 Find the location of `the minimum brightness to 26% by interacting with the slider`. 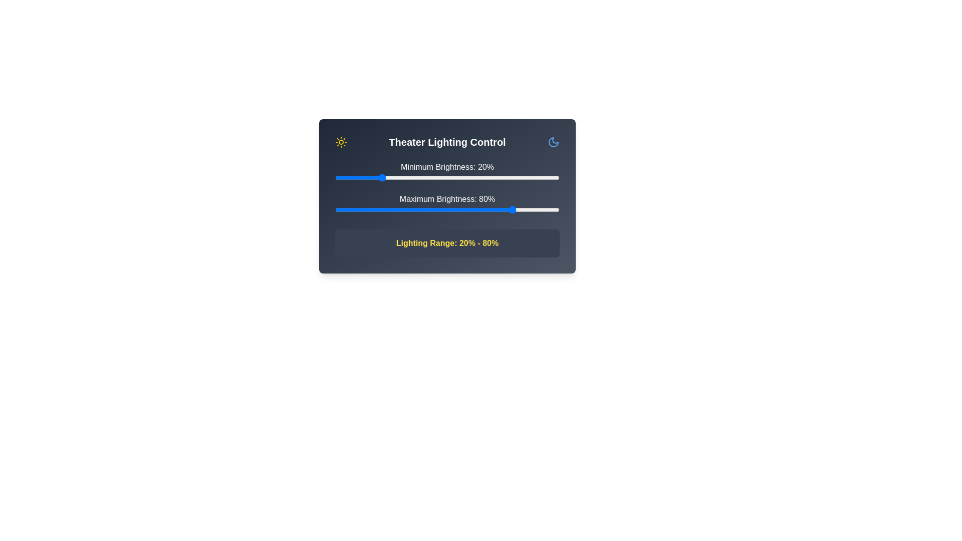

the minimum brightness to 26% by interacting with the slider is located at coordinates (393, 177).